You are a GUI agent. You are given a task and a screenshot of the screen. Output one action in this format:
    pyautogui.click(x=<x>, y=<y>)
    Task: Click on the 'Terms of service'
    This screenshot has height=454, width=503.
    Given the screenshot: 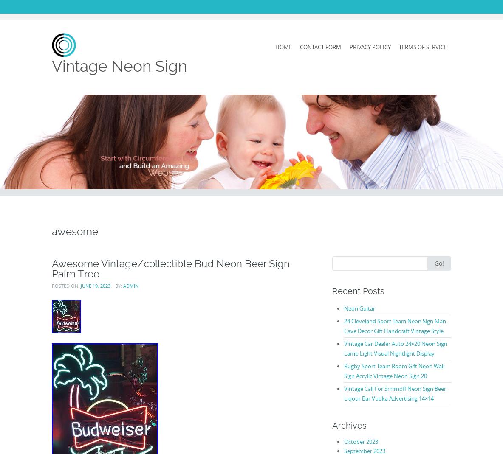 What is the action you would take?
    pyautogui.click(x=423, y=47)
    